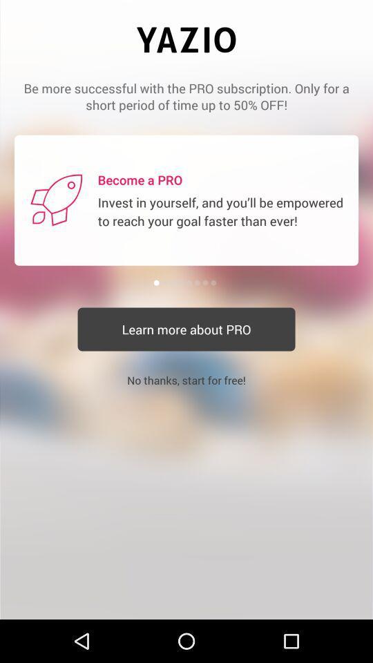 Image resolution: width=373 pixels, height=663 pixels. What do you see at coordinates (186, 380) in the screenshot?
I see `no thanks start icon` at bounding box center [186, 380].